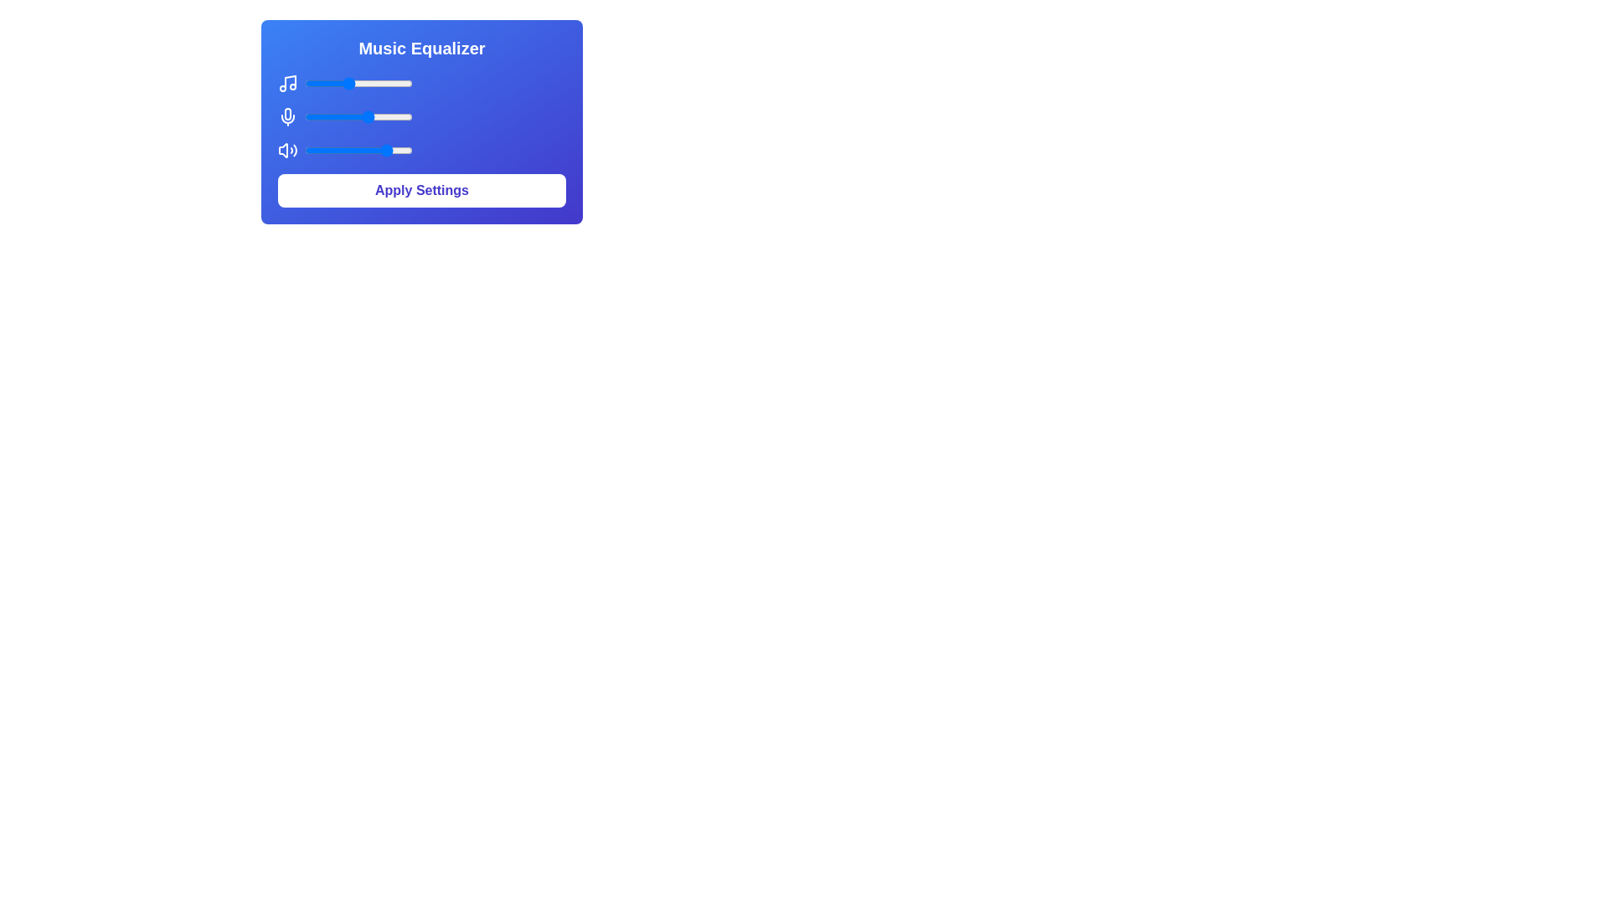 This screenshot has height=904, width=1608. Describe the element at coordinates (322, 151) in the screenshot. I see `the volume` at that location.